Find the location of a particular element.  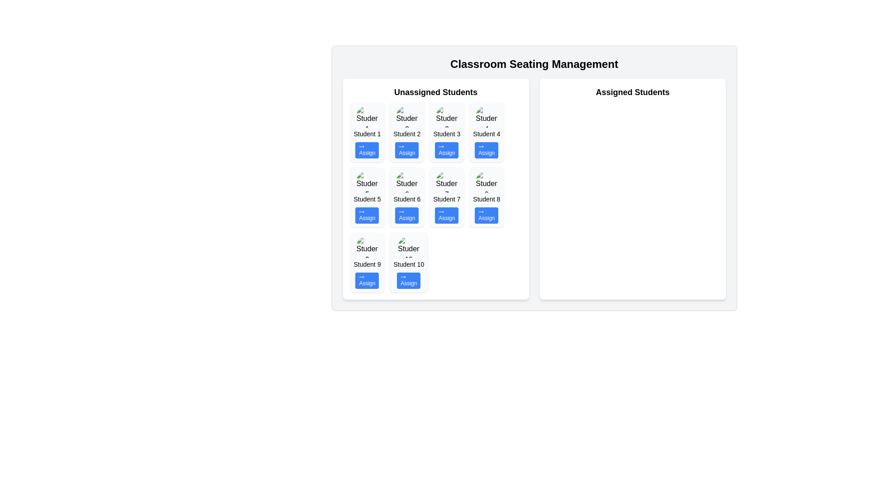

the small right arrow icon styled with a white stroke inside the blue 'Assign' button located in the second row and fourth column under the 'Unassigned Students' section is located at coordinates (481, 211).